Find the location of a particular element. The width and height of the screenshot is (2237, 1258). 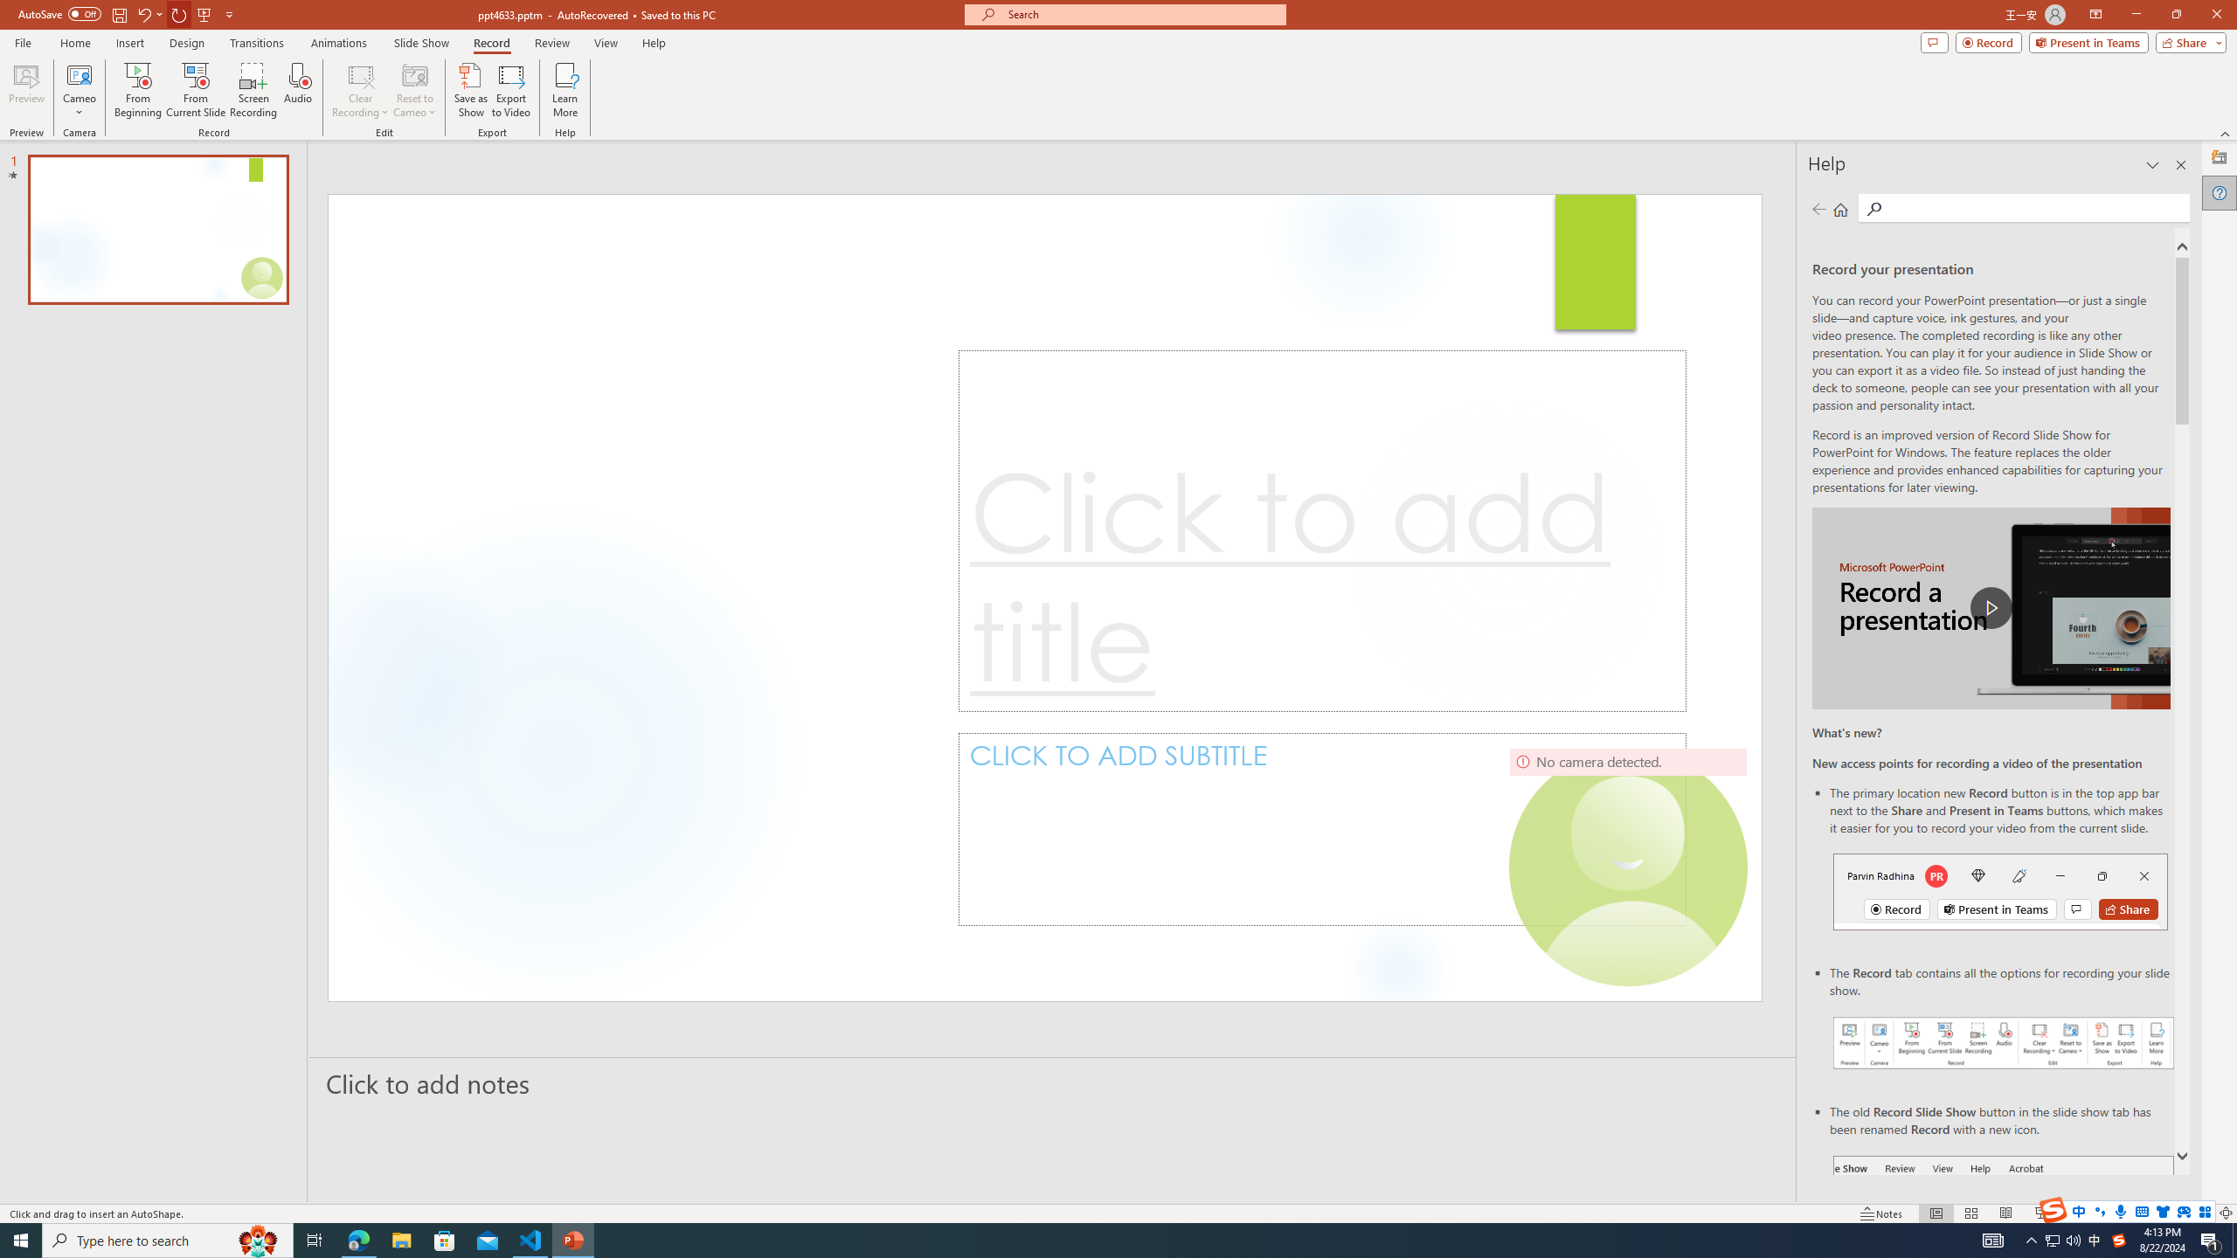

'Present in Teams' is located at coordinates (2088, 41).